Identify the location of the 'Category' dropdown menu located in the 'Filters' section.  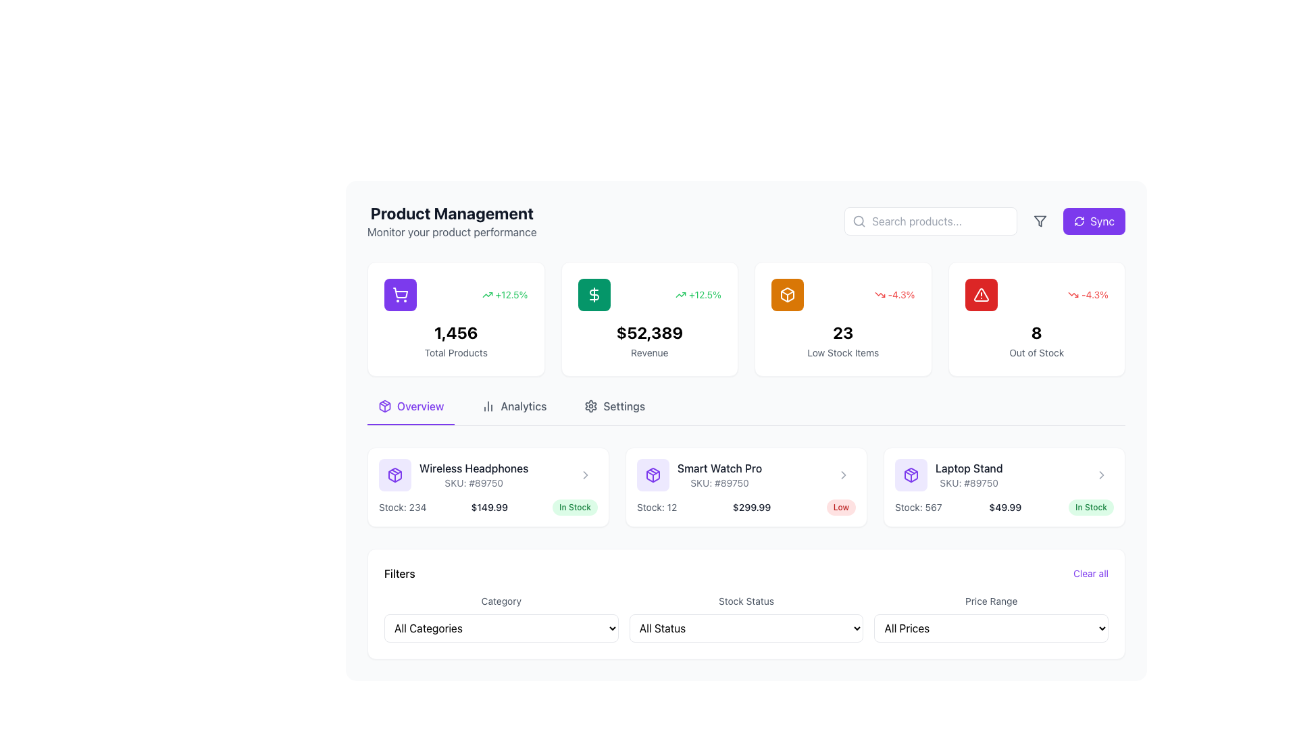
(501, 628).